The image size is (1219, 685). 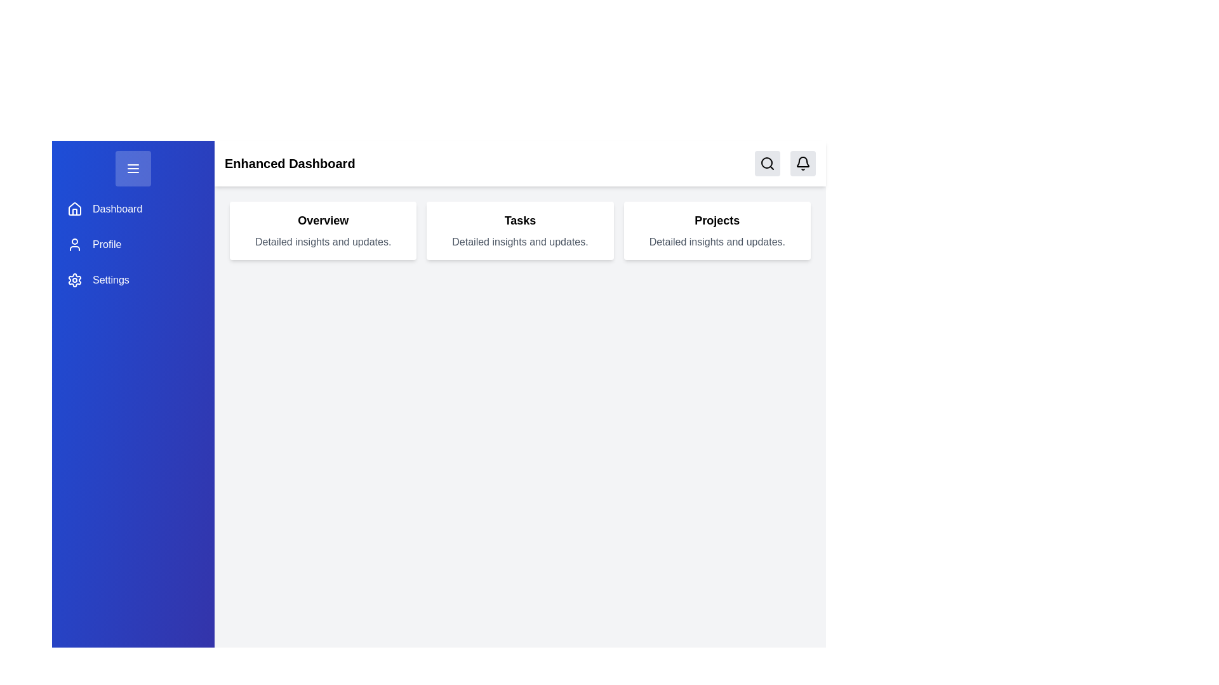 I want to click on the circular graphical element that represents the lens of the search icon located in the top-right corner of the interface, so click(x=766, y=162).